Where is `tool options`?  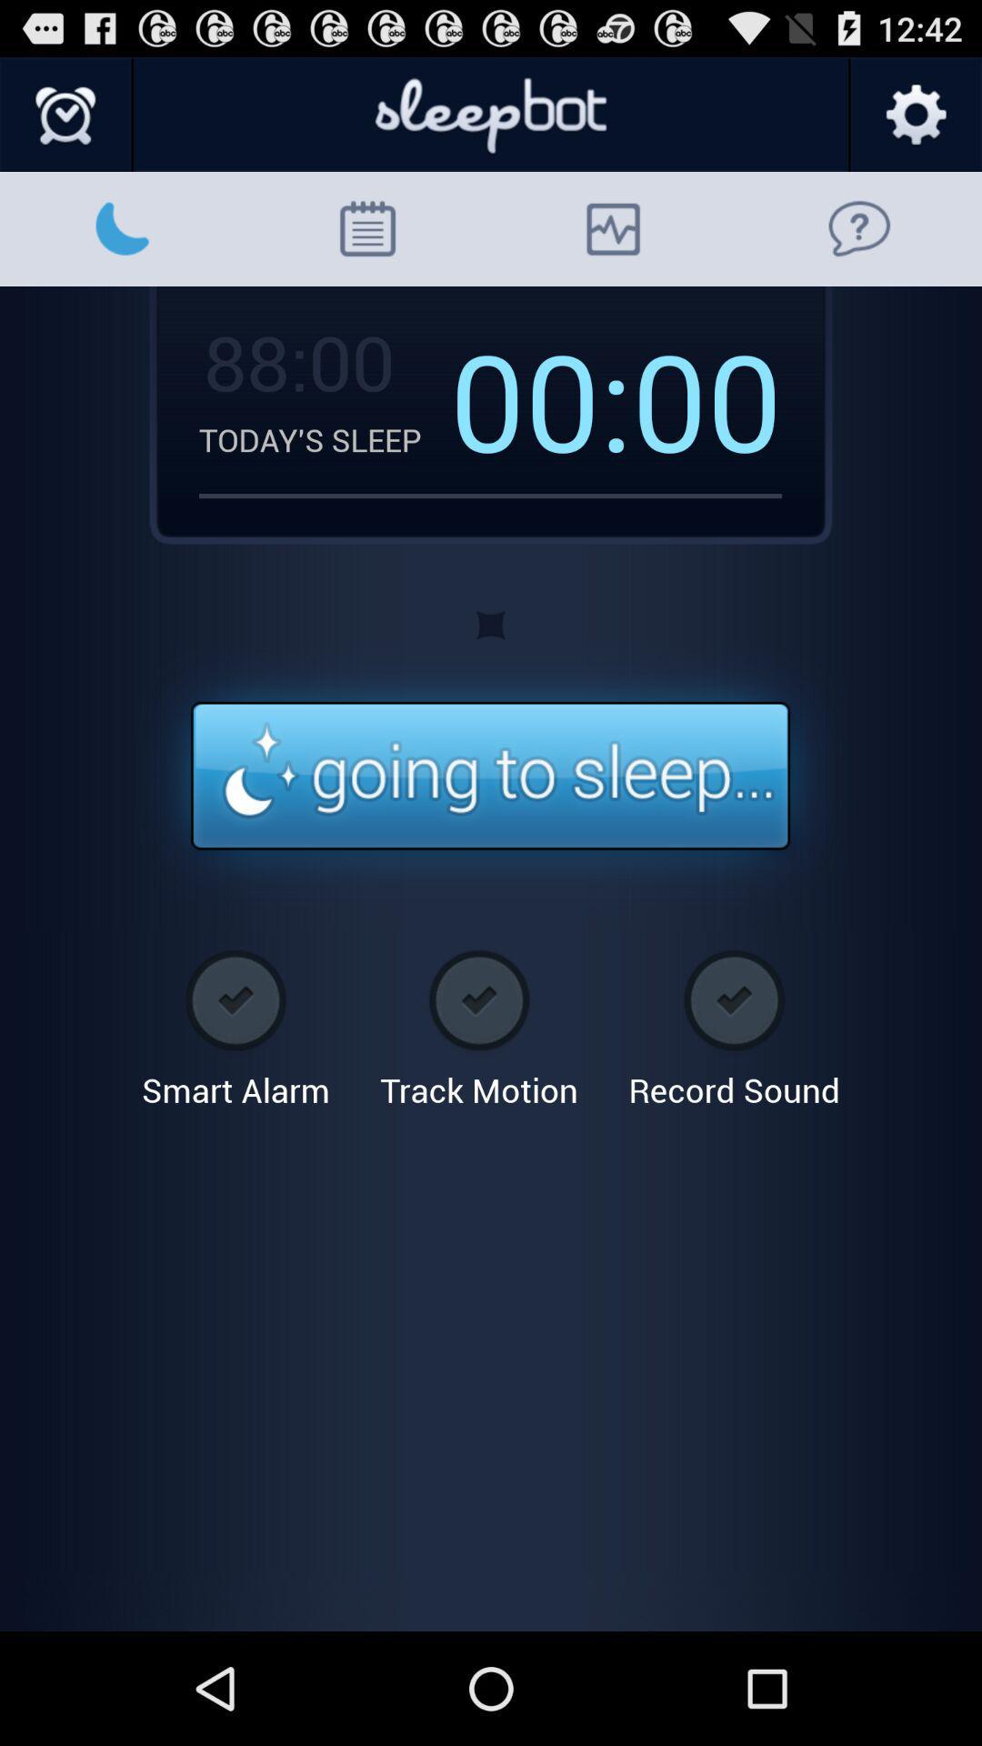
tool options is located at coordinates (915, 115).